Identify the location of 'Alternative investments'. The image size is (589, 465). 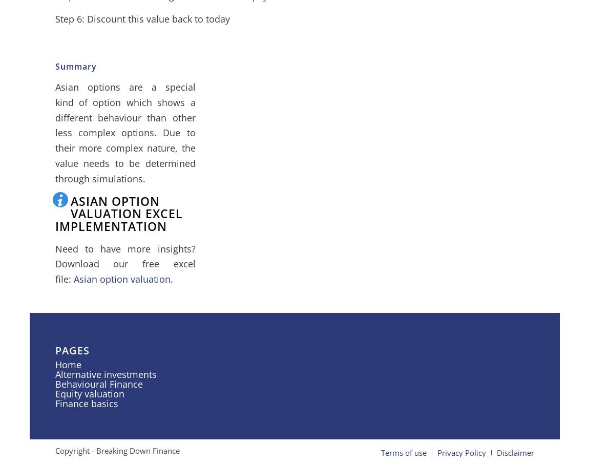
(104, 374).